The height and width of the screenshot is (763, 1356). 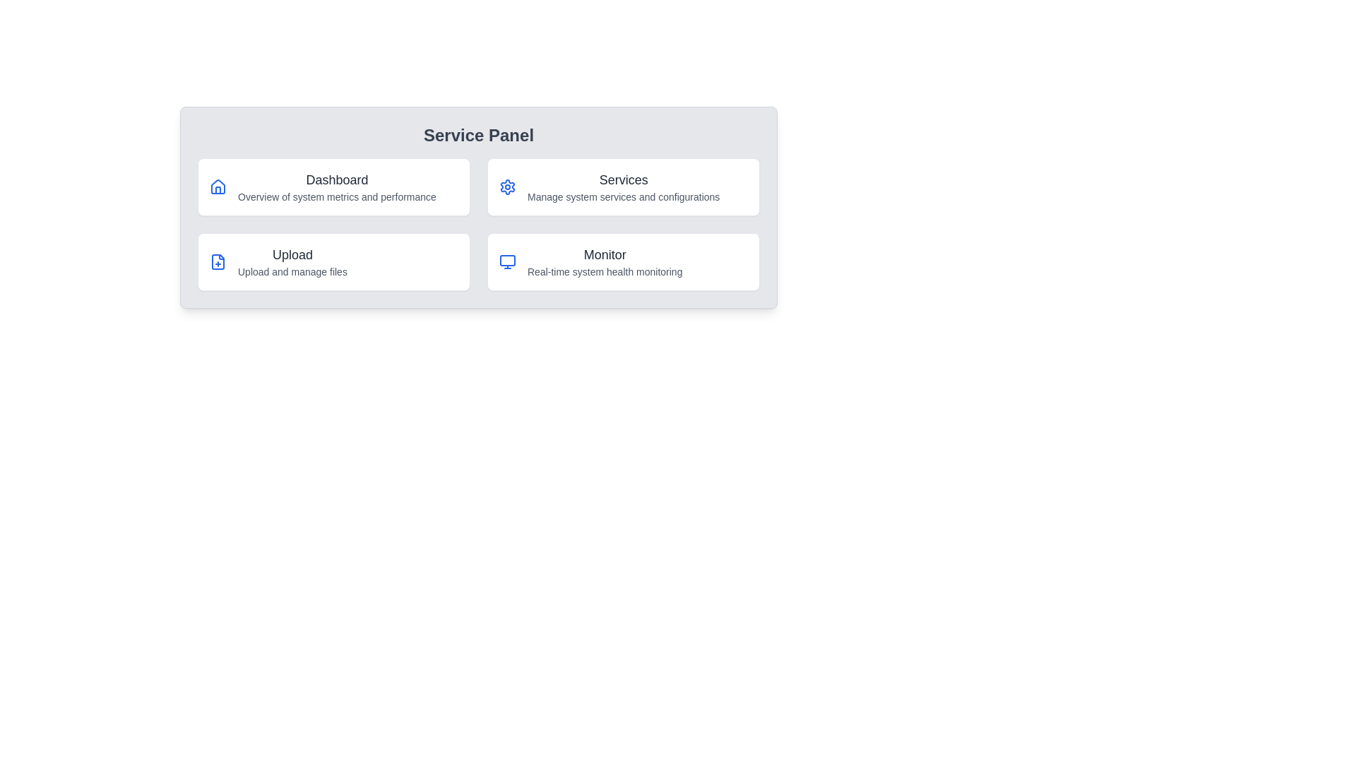 I want to click on the 'Services' icon located in the top-left corner of the Services card in the Service Panel layout, so click(x=508, y=187).